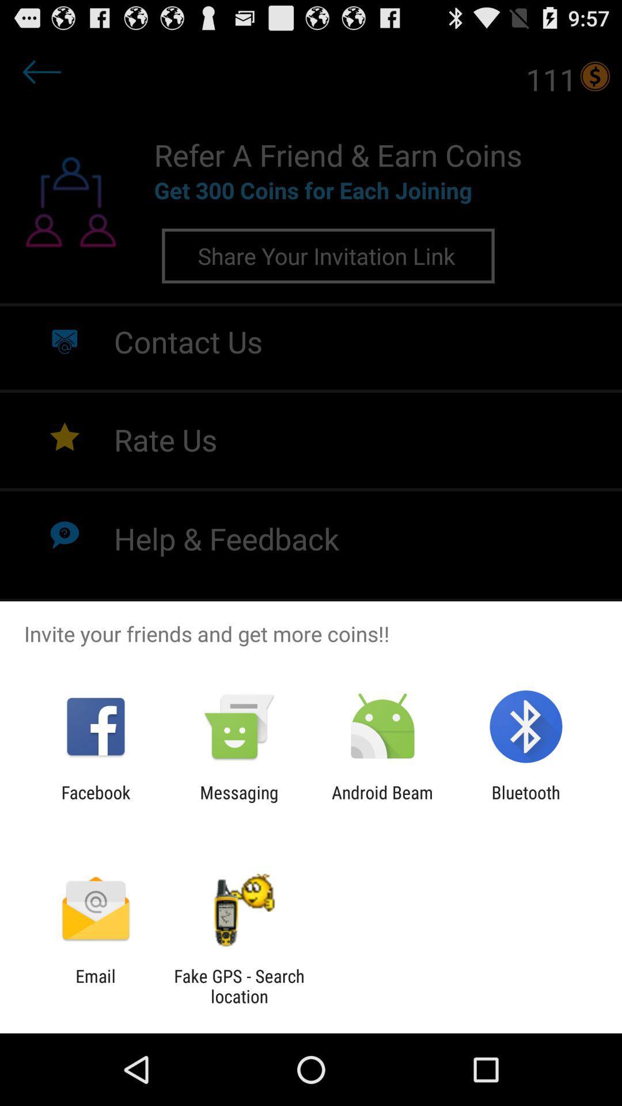  I want to click on the email icon, so click(95, 986).